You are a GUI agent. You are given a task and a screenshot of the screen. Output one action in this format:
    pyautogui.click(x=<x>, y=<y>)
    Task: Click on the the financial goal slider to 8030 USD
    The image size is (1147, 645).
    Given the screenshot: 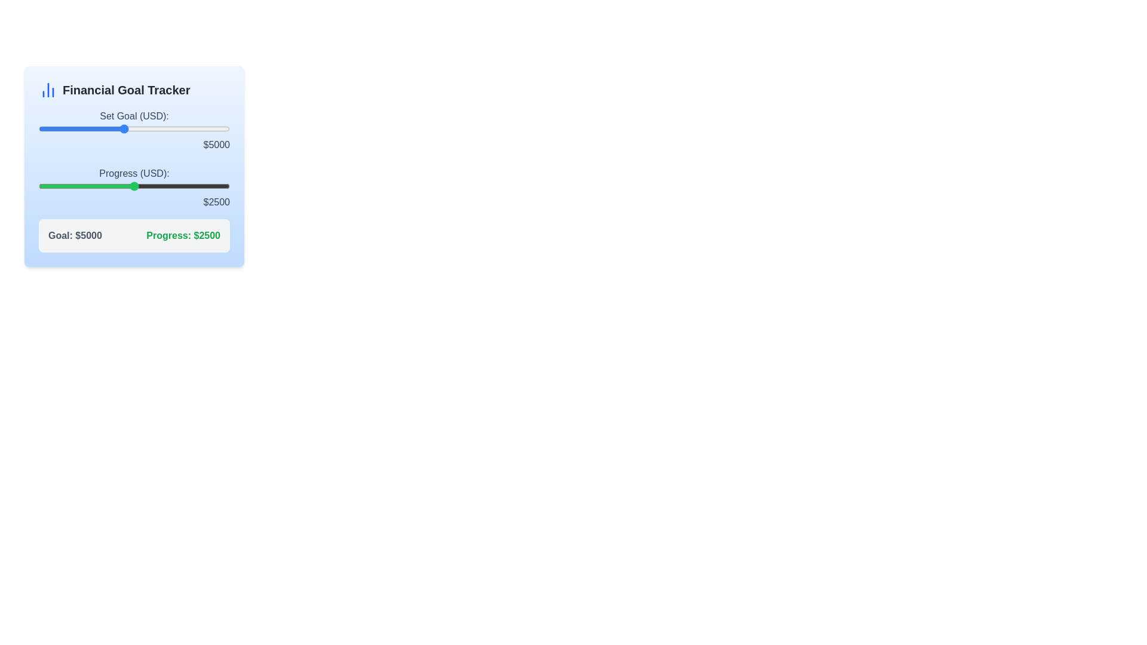 What is the action you would take?
    pyautogui.click(x=187, y=129)
    